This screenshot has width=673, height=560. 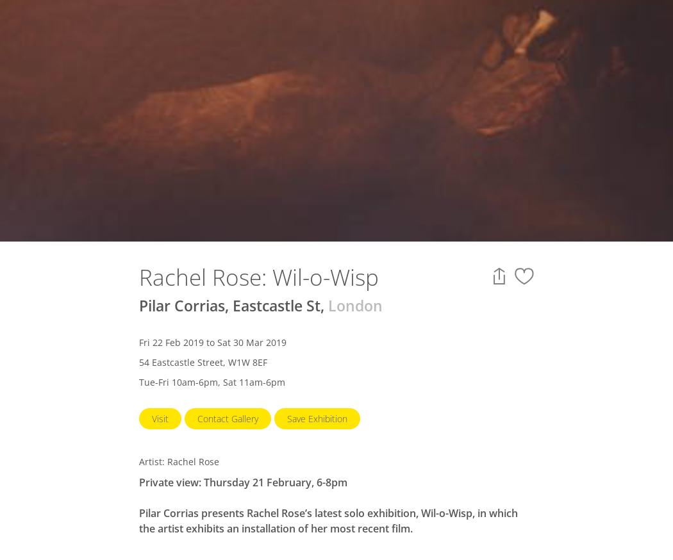 I want to click on 'Pilar Corrias presents Rachel Rose’s latest solo exhibition, Wil-o-Wisp, in which the artist exhibits an installation of her most recent film.', so click(x=327, y=520).